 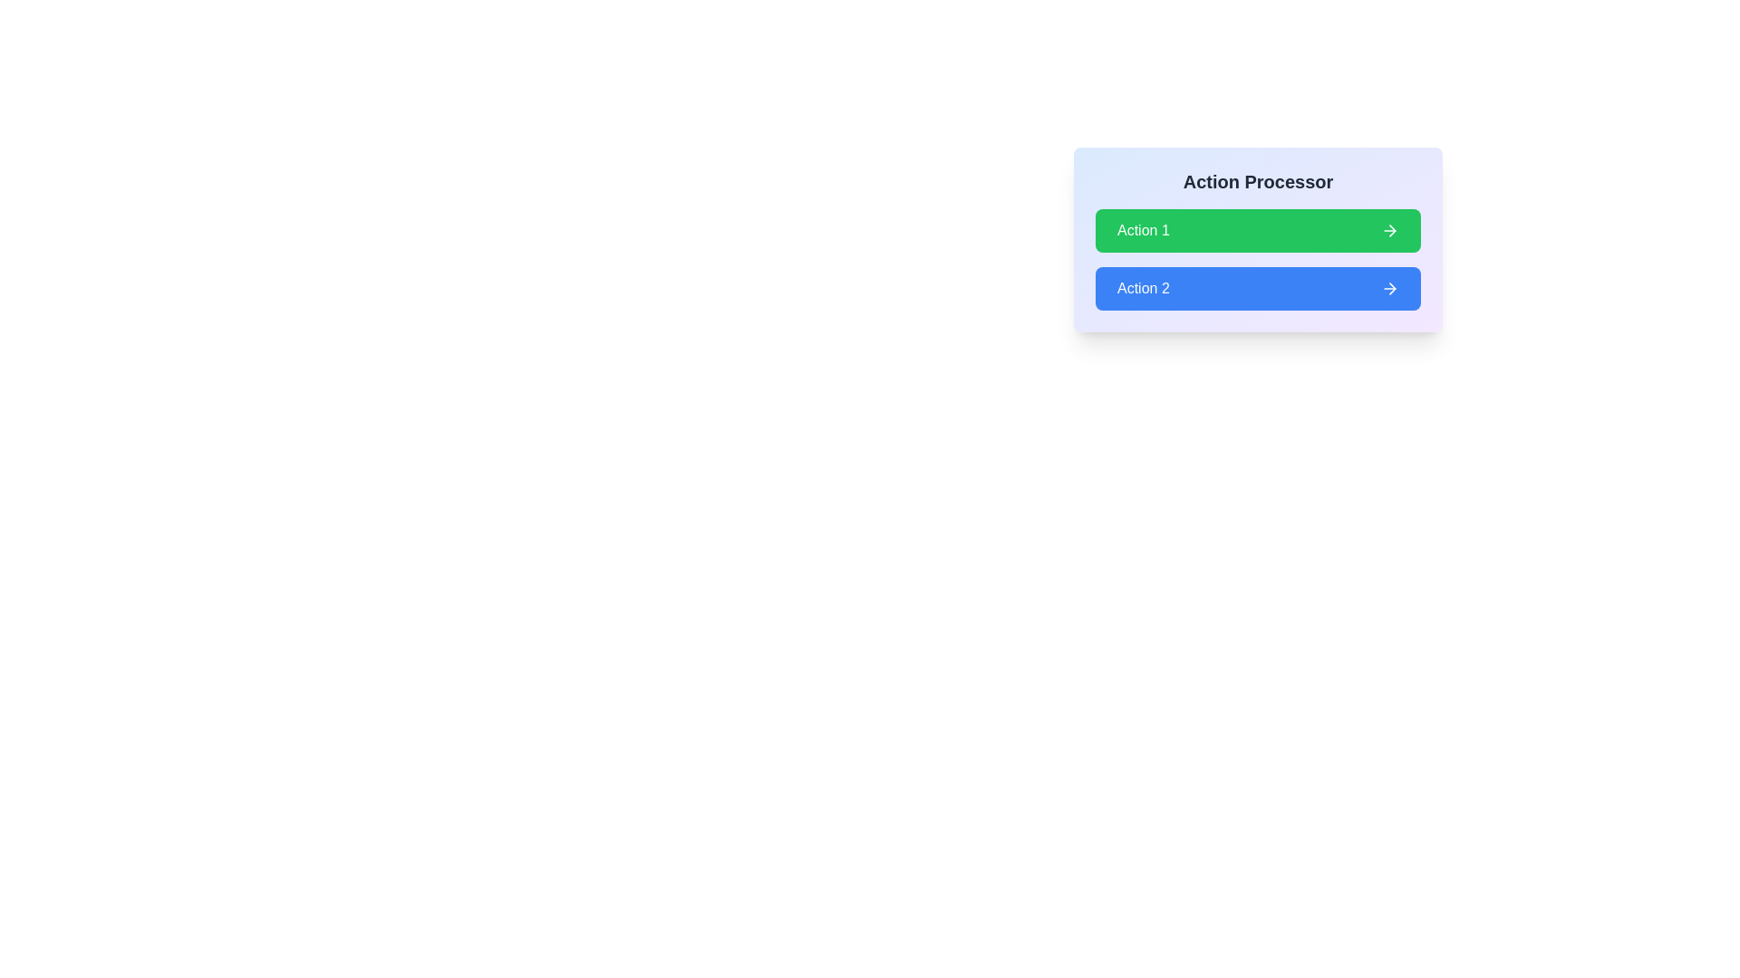 What do you see at coordinates (1257, 288) in the screenshot?
I see `the rectangular blue button labeled 'Action 2'` at bounding box center [1257, 288].